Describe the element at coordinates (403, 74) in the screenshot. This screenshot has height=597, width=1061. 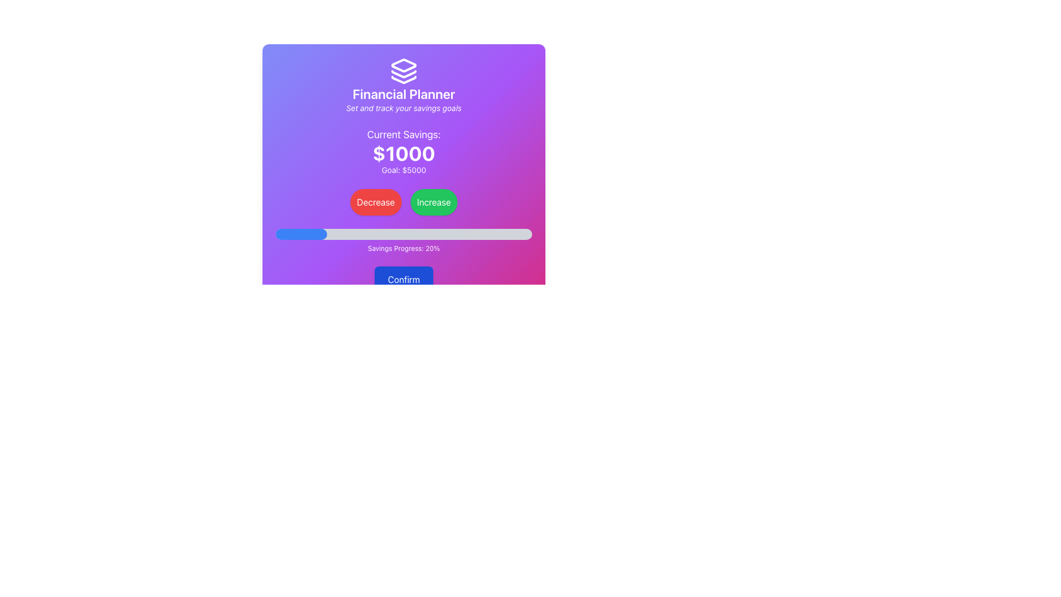
I see `the second layer of the stacked icon located at the top center of the interface` at that location.